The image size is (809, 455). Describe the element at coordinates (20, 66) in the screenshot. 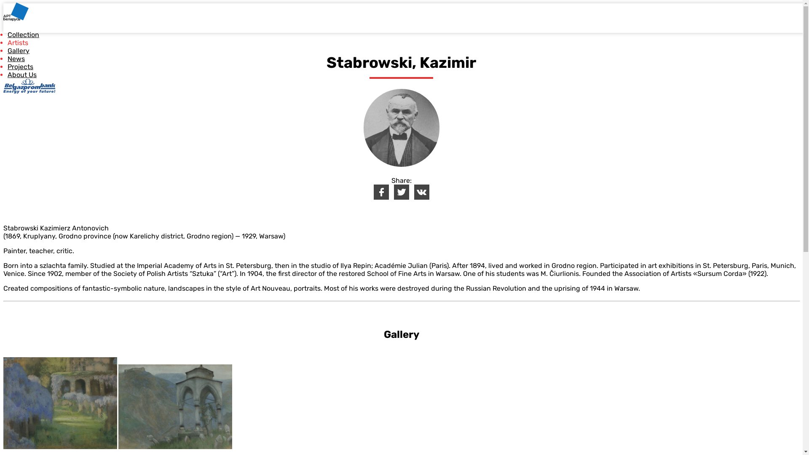

I see `'Projects'` at that location.